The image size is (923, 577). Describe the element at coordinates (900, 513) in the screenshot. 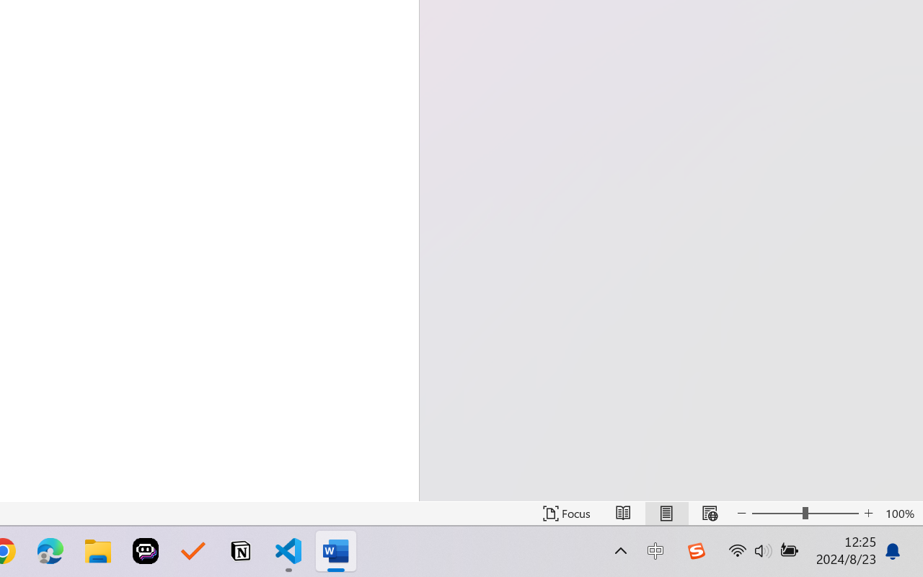

I see `'Zoom 100%'` at that location.